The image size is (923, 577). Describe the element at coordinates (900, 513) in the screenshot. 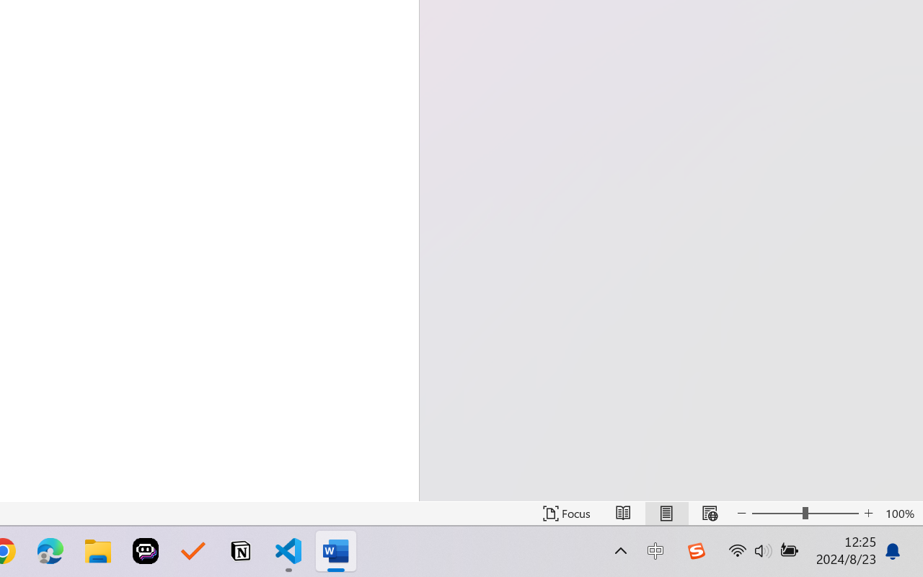

I see `'Zoom 100%'` at that location.